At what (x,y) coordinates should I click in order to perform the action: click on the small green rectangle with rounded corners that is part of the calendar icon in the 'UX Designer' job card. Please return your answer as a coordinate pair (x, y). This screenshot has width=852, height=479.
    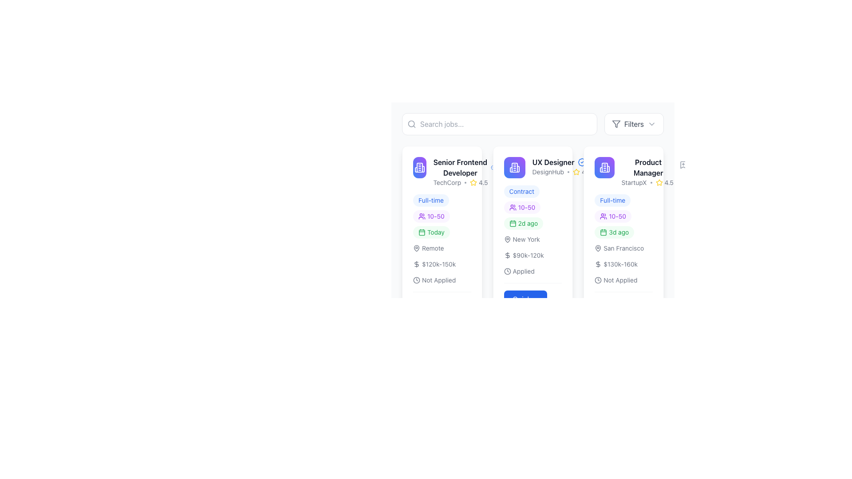
    Looking at the image, I should click on (513, 223).